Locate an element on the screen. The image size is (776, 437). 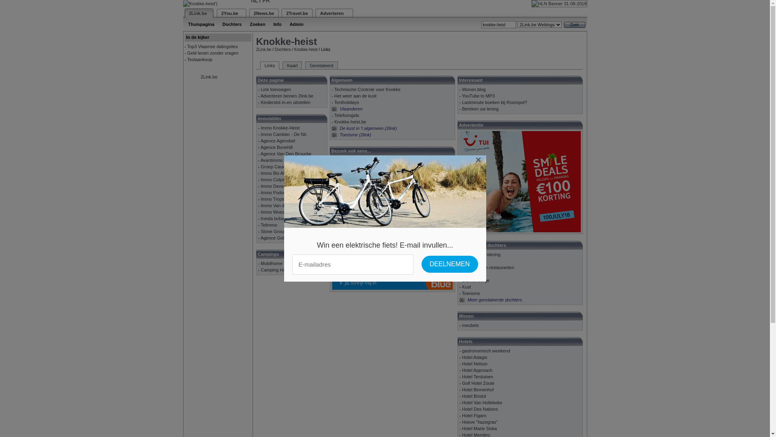
'Immo Cambier - De Nil.' is located at coordinates (284, 134).